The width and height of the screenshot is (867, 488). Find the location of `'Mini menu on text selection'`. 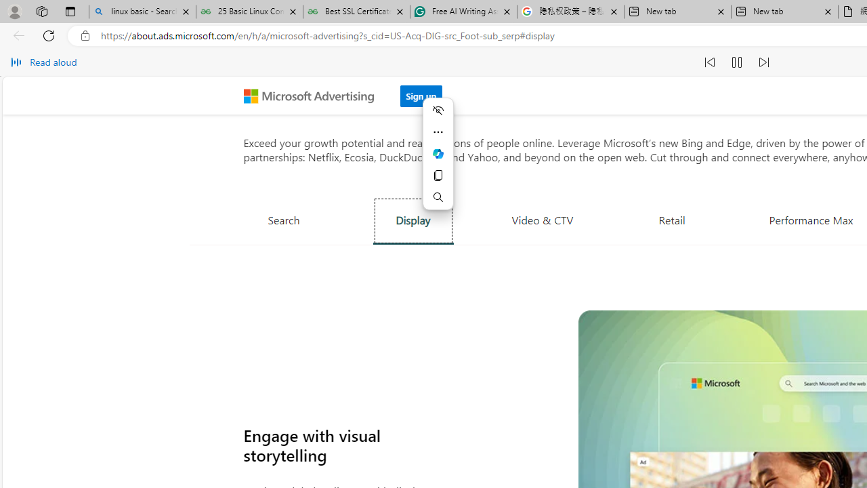

'Mini menu on text selection' is located at coordinates (438, 152).